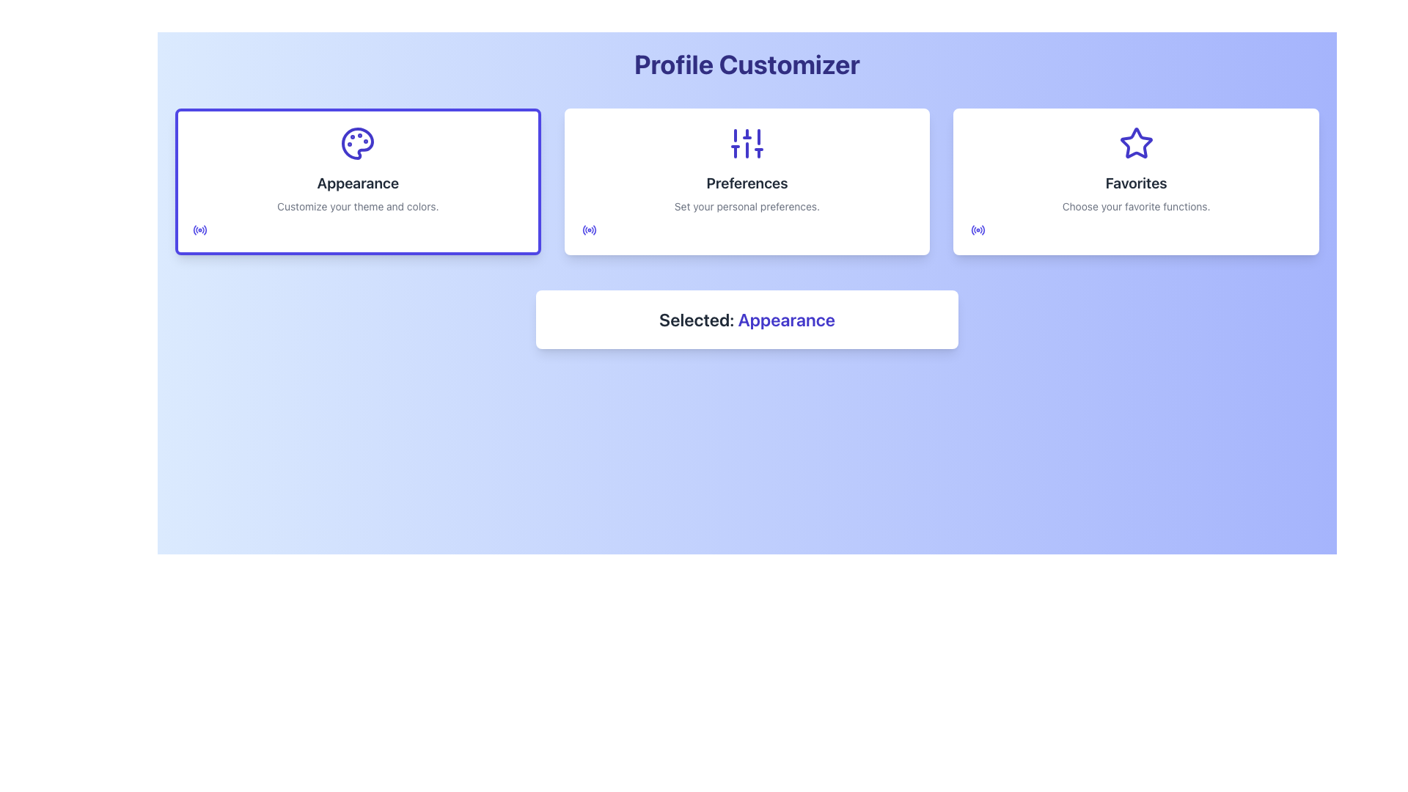 The image size is (1408, 792). What do you see at coordinates (1135, 206) in the screenshot?
I see `informative text label located in the 'Favorites' section, positioned beneath the title 'Favorites' and above a decorative icon styled in indigo` at bounding box center [1135, 206].